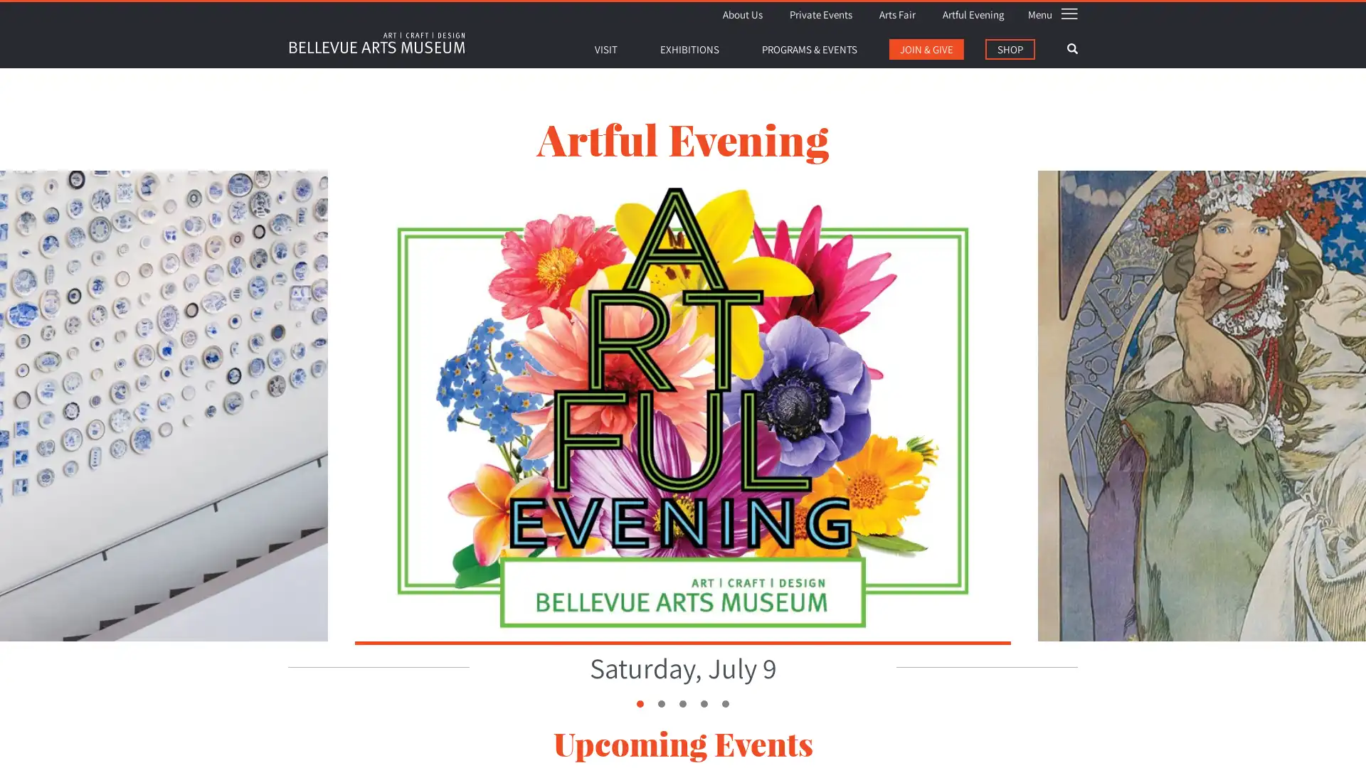 This screenshot has width=1366, height=768. I want to click on 5, so click(725, 704).